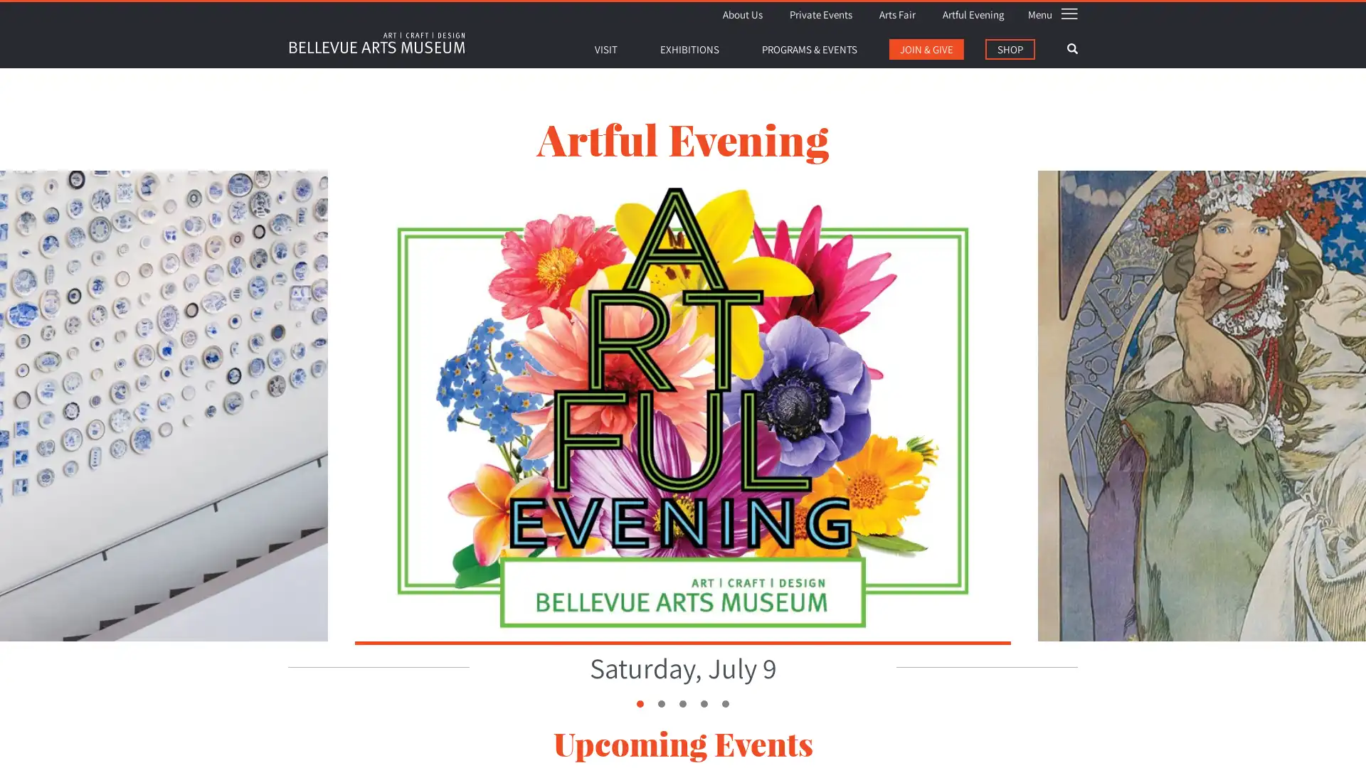 This screenshot has width=1366, height=768. I want to click on 5, so click(725, 704).